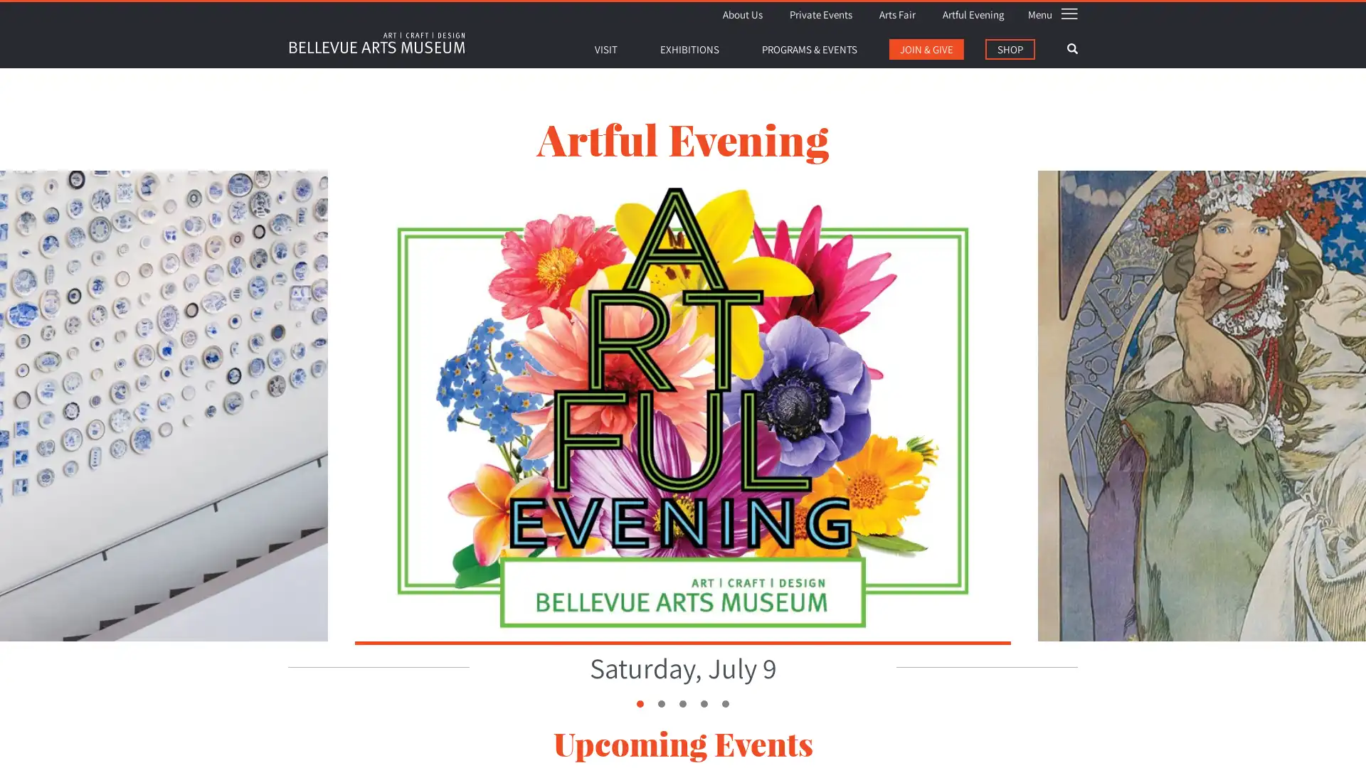 This screenshot has width=1366, height=768. I want to click on 5, so click(725, 704).